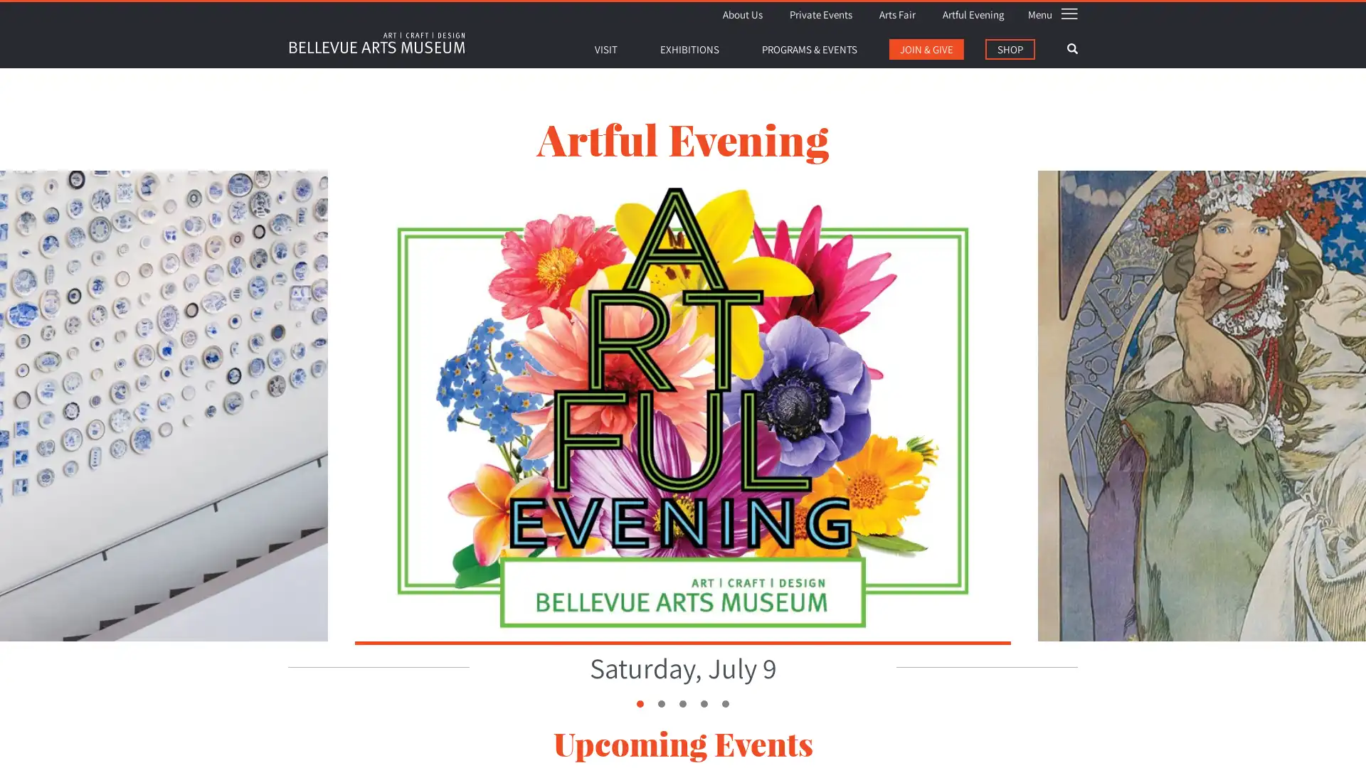 This screenshot has width=1366, height=768. I want to click on 5, so click(725, 704).